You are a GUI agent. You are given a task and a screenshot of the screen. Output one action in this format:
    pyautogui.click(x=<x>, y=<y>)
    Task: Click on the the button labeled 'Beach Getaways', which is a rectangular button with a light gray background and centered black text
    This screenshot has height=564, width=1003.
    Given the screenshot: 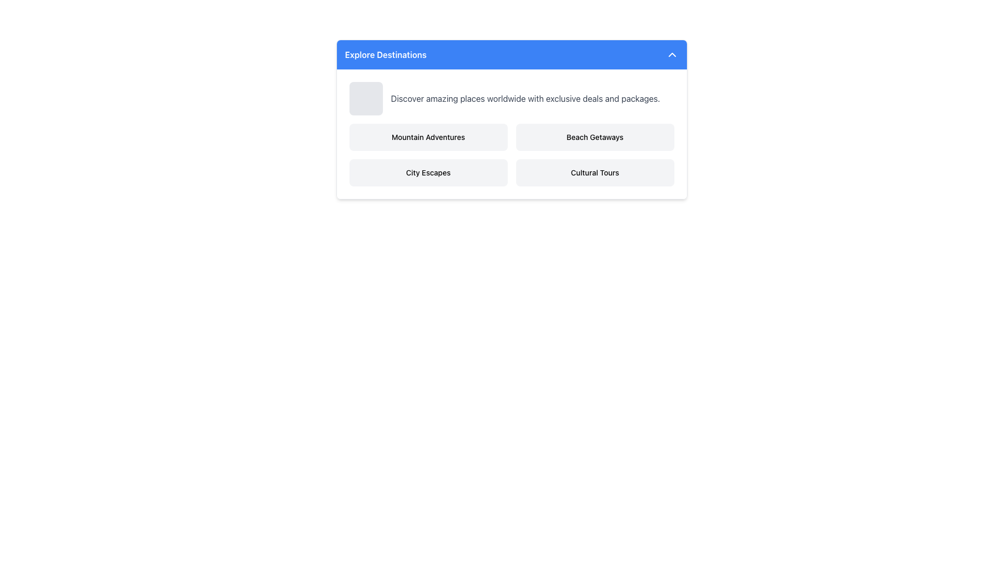 What is the action you would take?
    pyautogui.click(x=594, y=136)
    